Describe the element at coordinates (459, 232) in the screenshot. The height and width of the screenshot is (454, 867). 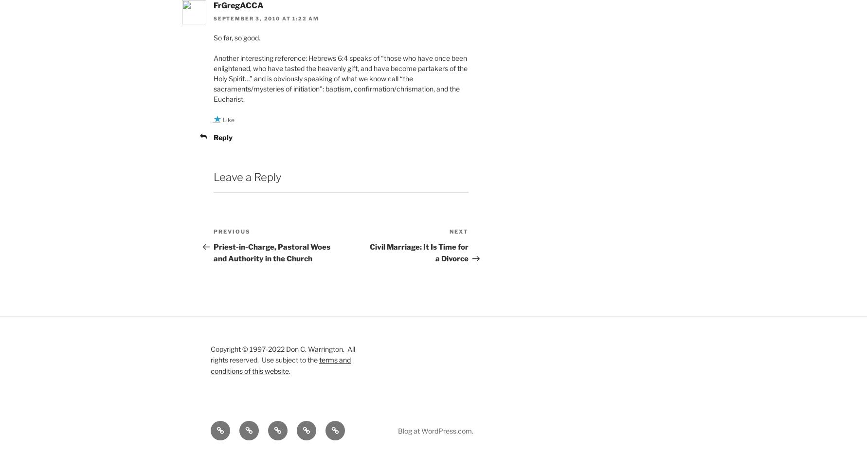
I see `'Next'` at that location.